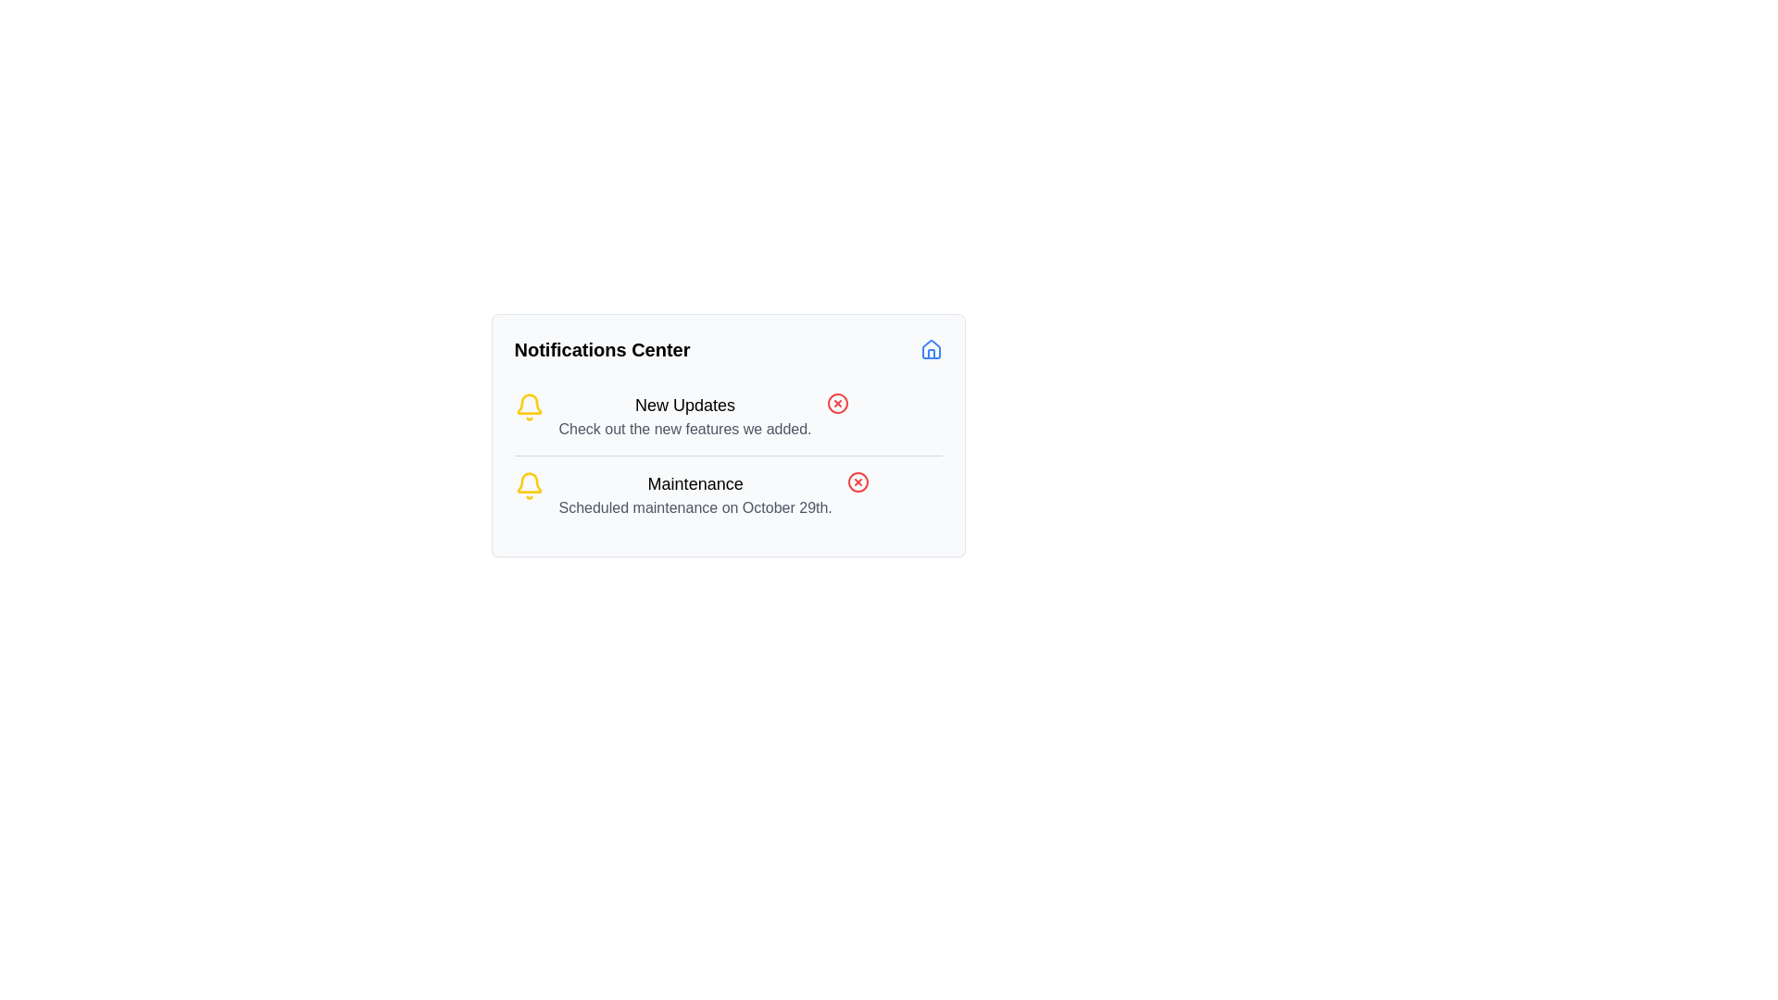  I want to click on the main inner curvature of the bell icon, which is filled in bright yellow and is part of the Notifications Center panel, so click(528, 481).